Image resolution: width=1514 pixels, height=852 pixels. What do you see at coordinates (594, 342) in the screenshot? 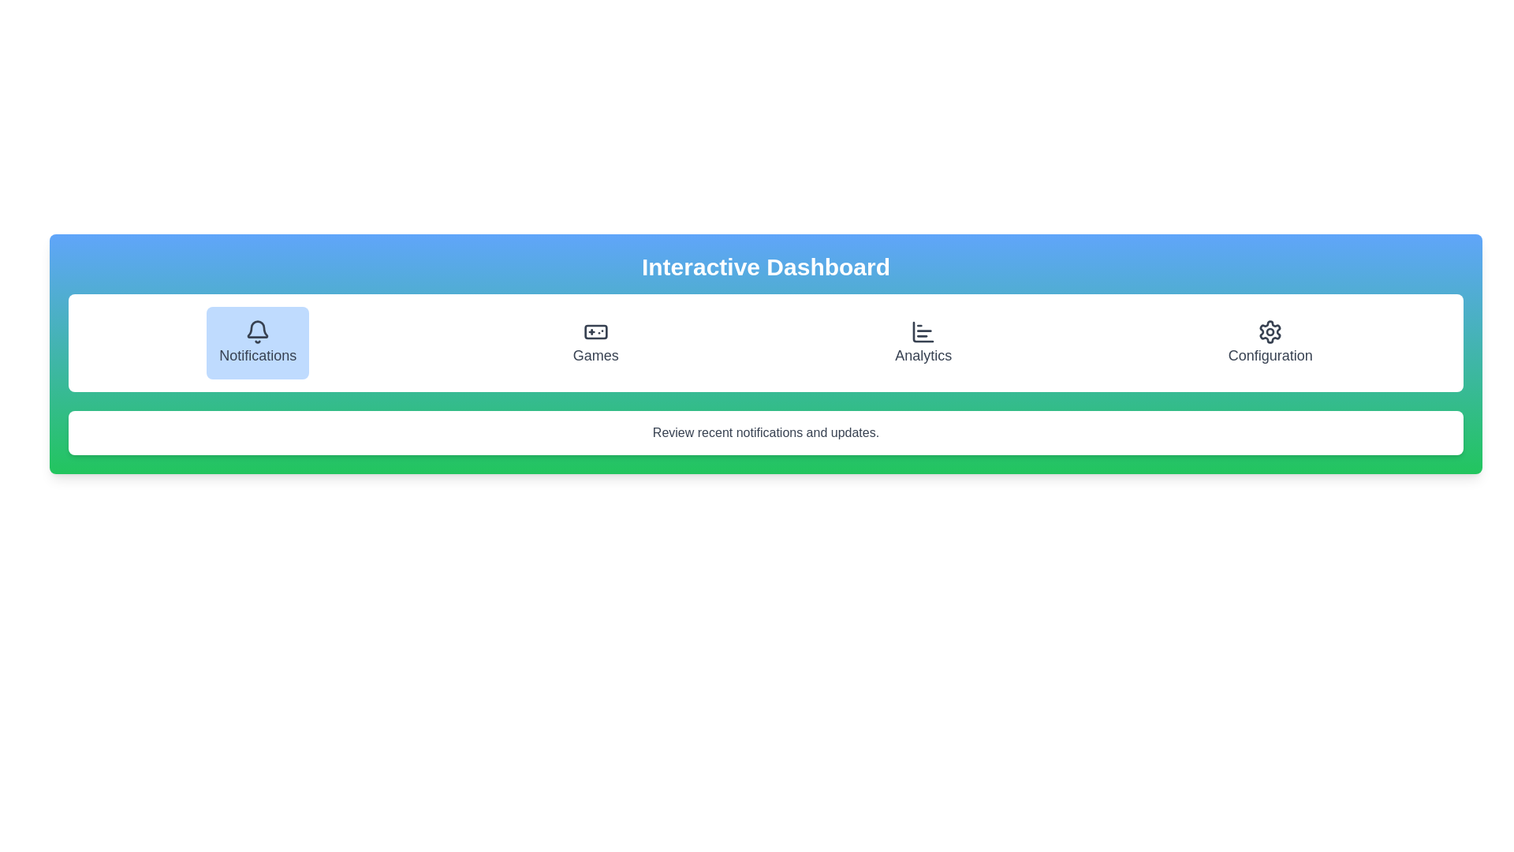
I see `the tab corresponding to Games` at bounding box center [594, 342].